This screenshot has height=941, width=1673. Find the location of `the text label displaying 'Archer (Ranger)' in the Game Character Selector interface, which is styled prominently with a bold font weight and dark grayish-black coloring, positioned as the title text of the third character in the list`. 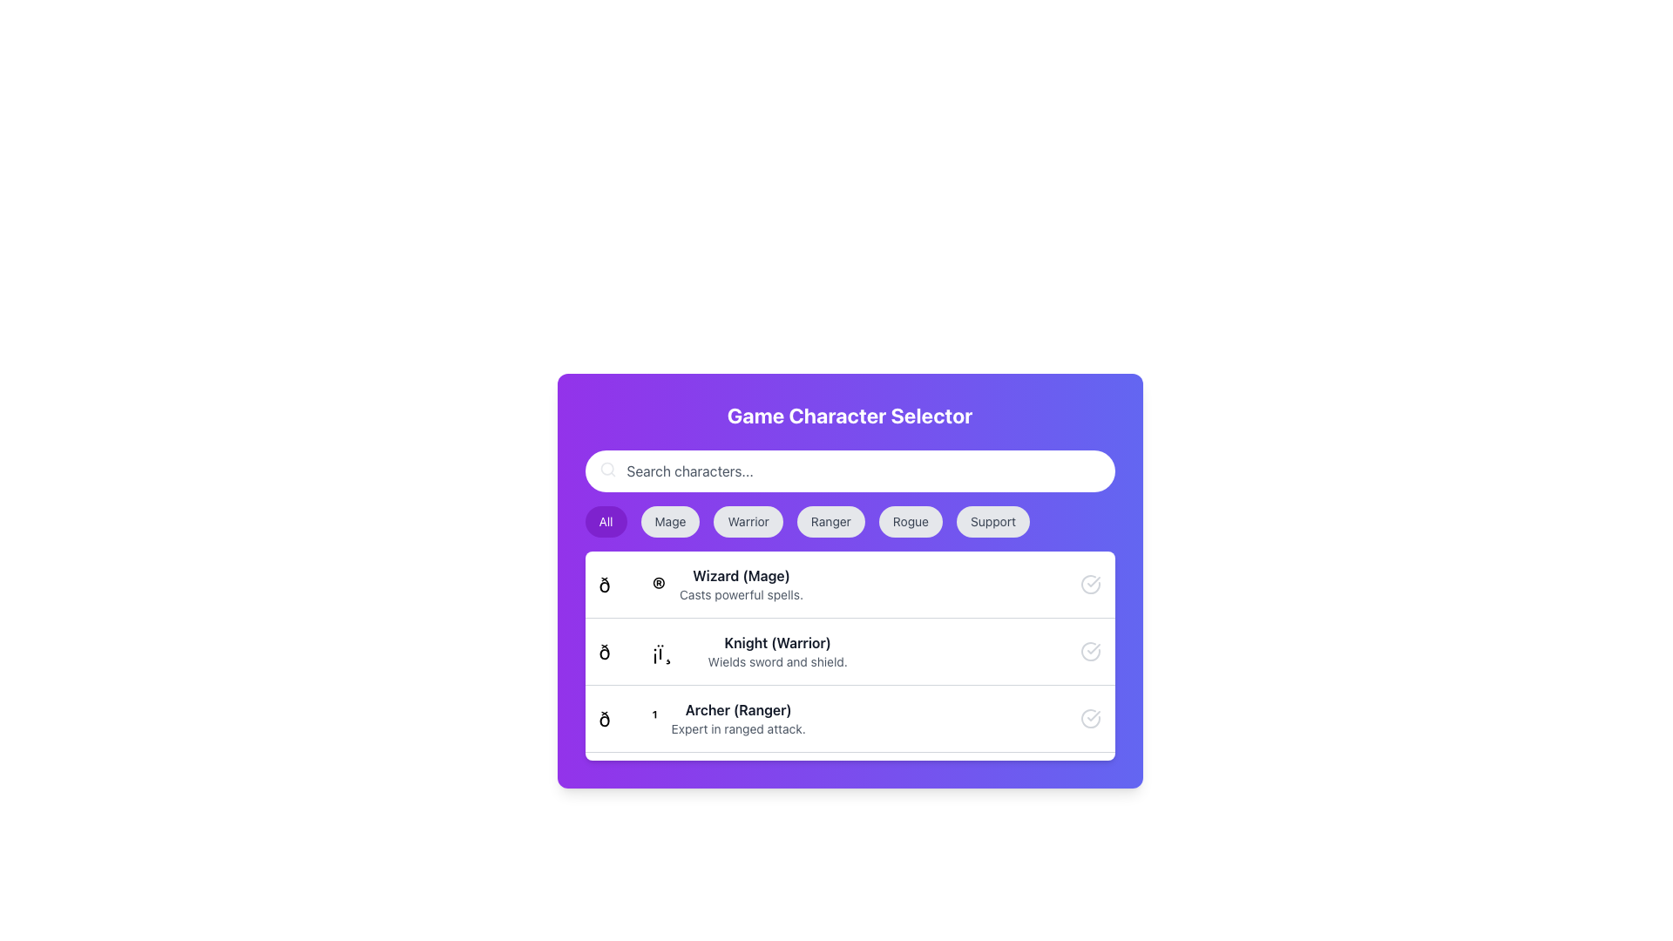

the text label displaying 'Archer (Ranger)' in the Game Character Selector interface, which is styled prominently with a bold font weight and dark grayish-black coloring, positioned as the title text of the third character in the list is located at coordinates (738, 709).